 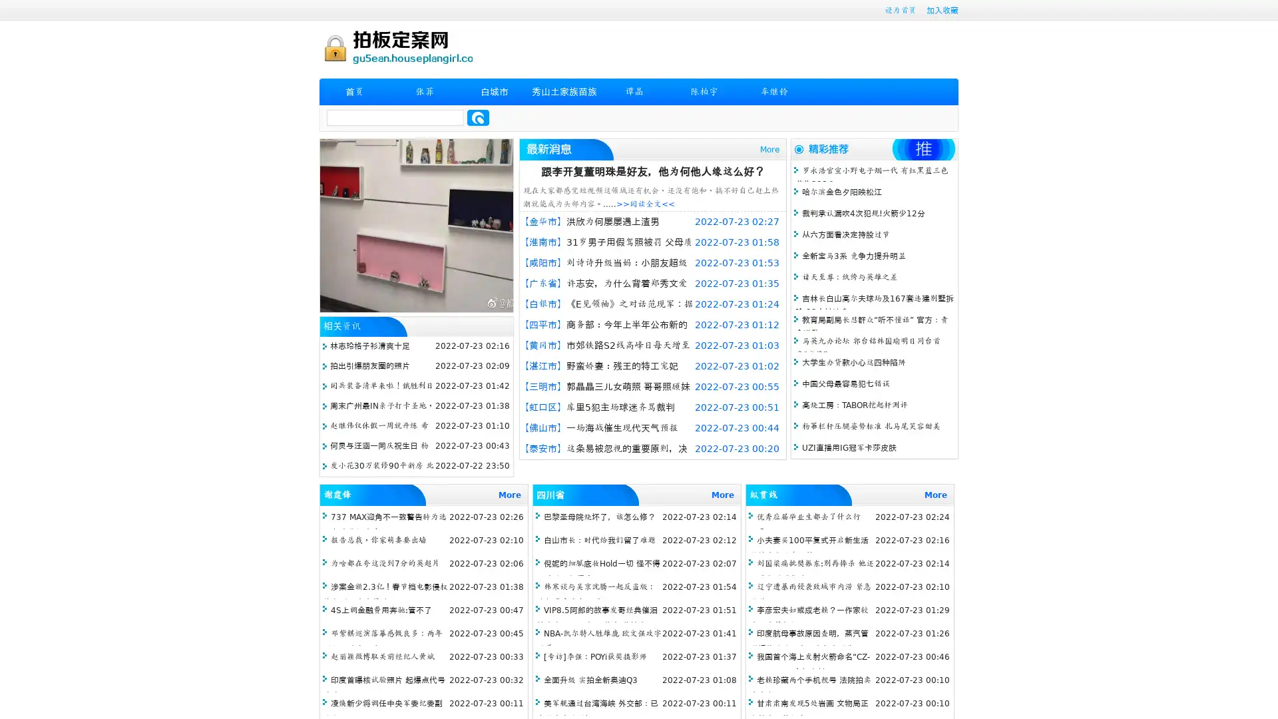 I want to click on Search, so click(x=478, y=117).